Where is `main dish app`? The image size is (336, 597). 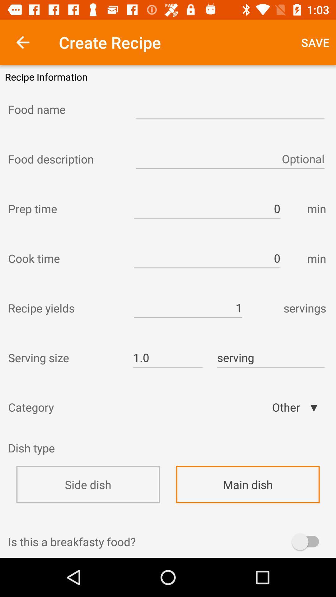
main dish app is located at coordinates (247, 484).